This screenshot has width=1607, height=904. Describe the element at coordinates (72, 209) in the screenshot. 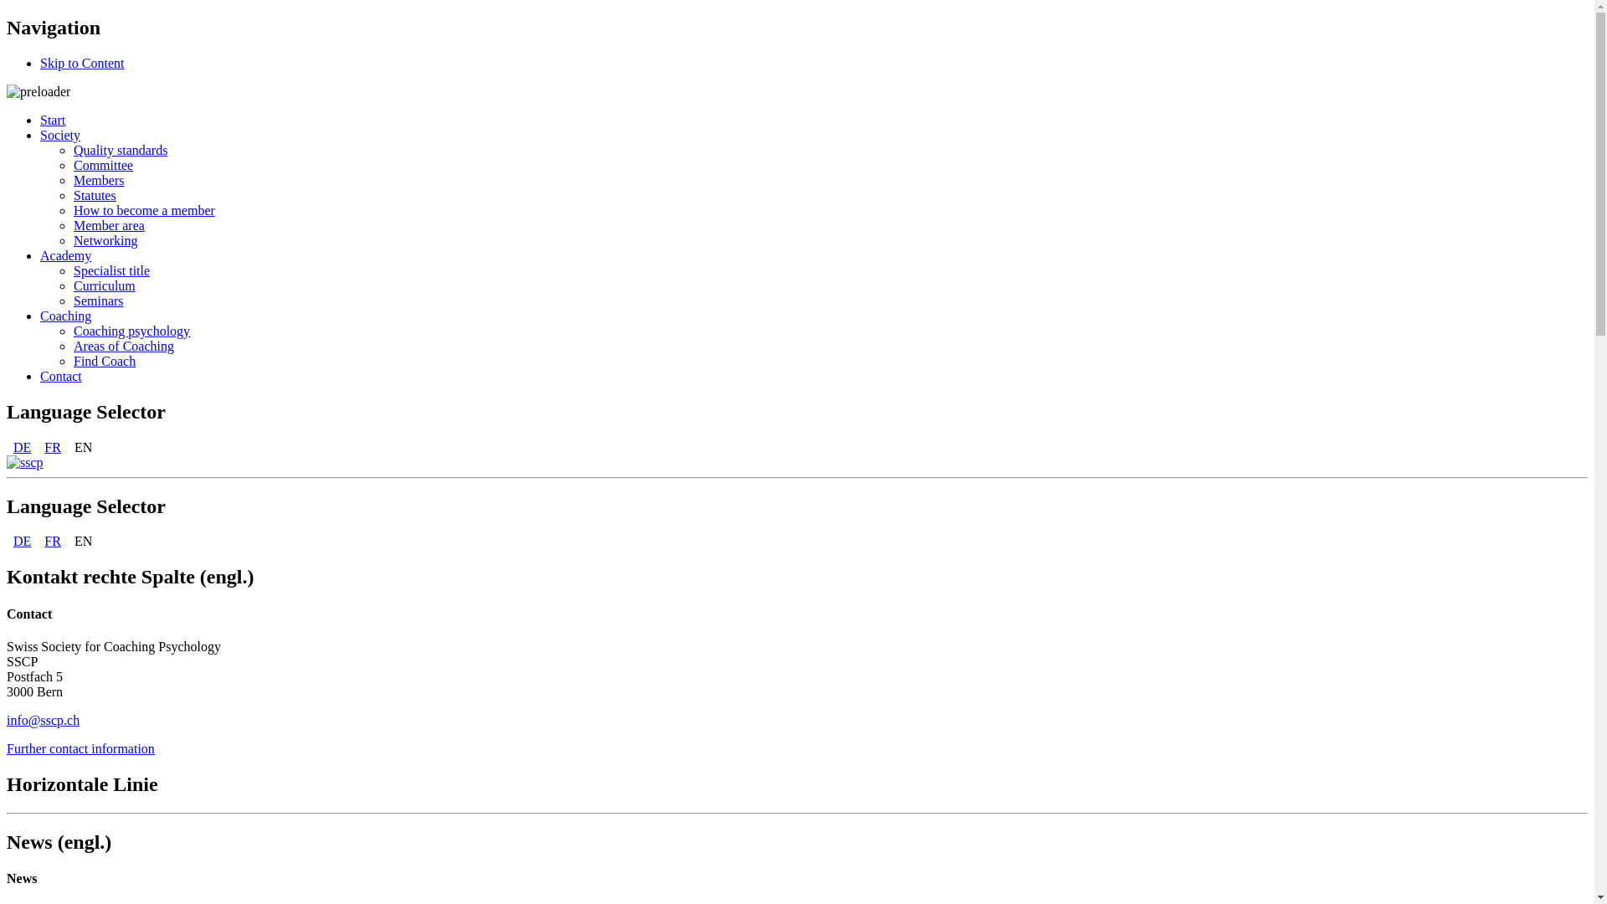

I see `'How to become a member'` at that location.